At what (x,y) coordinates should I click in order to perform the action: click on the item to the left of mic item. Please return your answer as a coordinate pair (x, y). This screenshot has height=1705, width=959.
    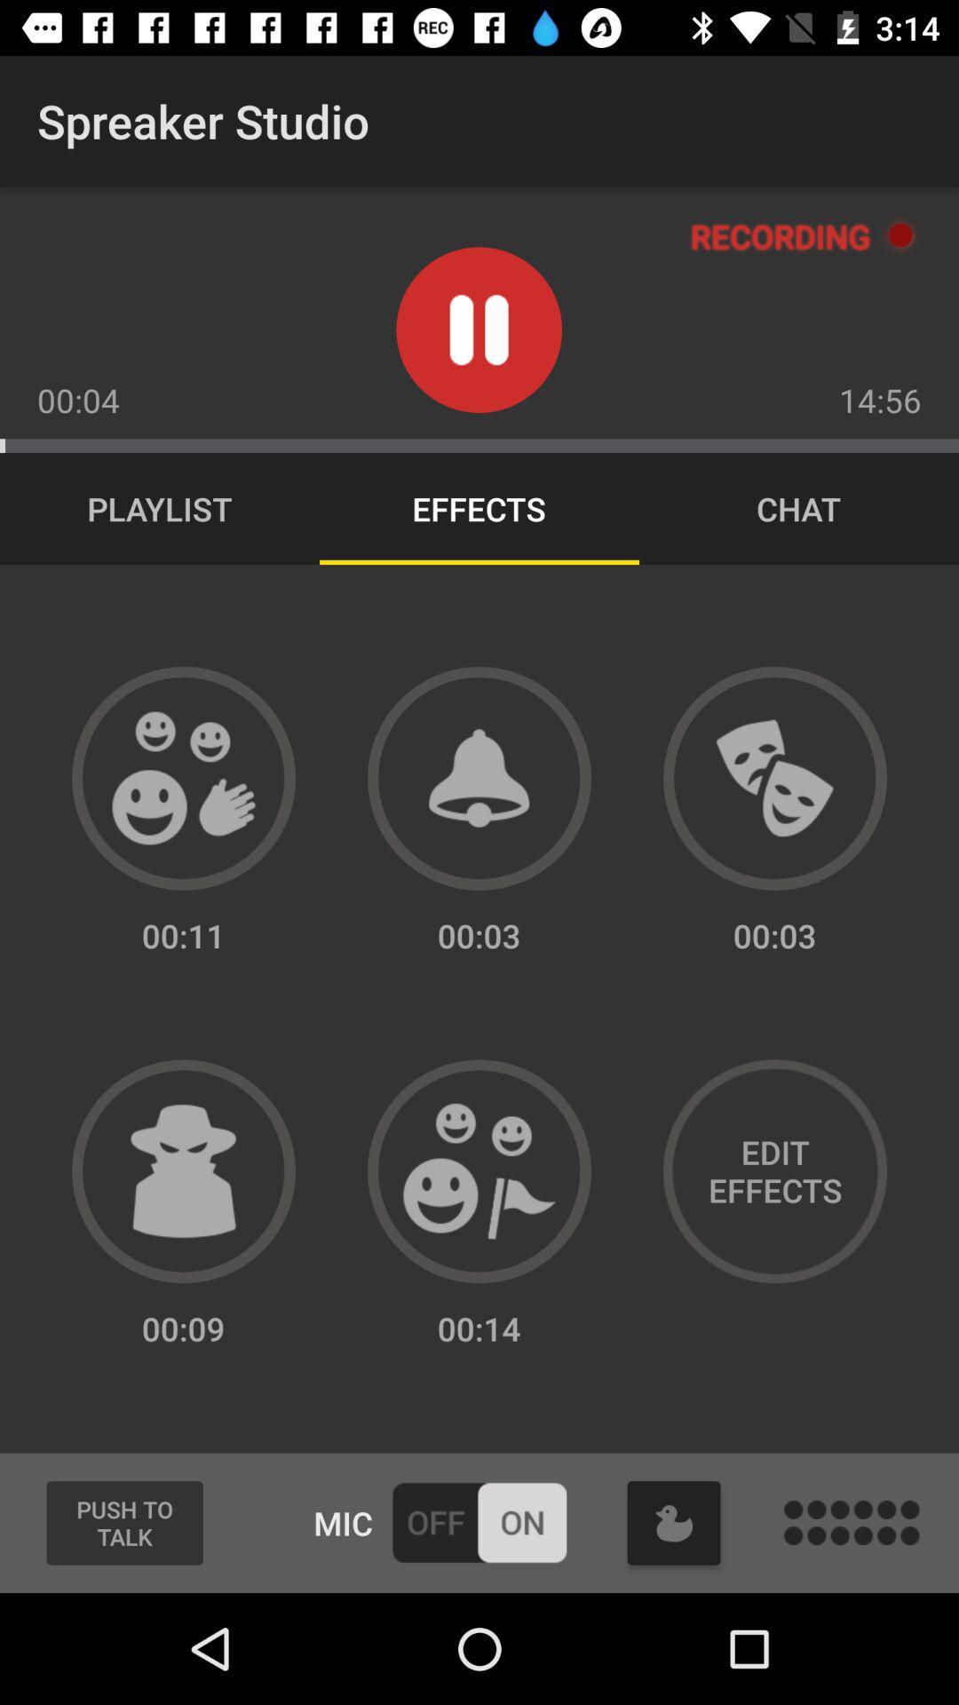
    Looking at the image, I should click on (123, 1522).